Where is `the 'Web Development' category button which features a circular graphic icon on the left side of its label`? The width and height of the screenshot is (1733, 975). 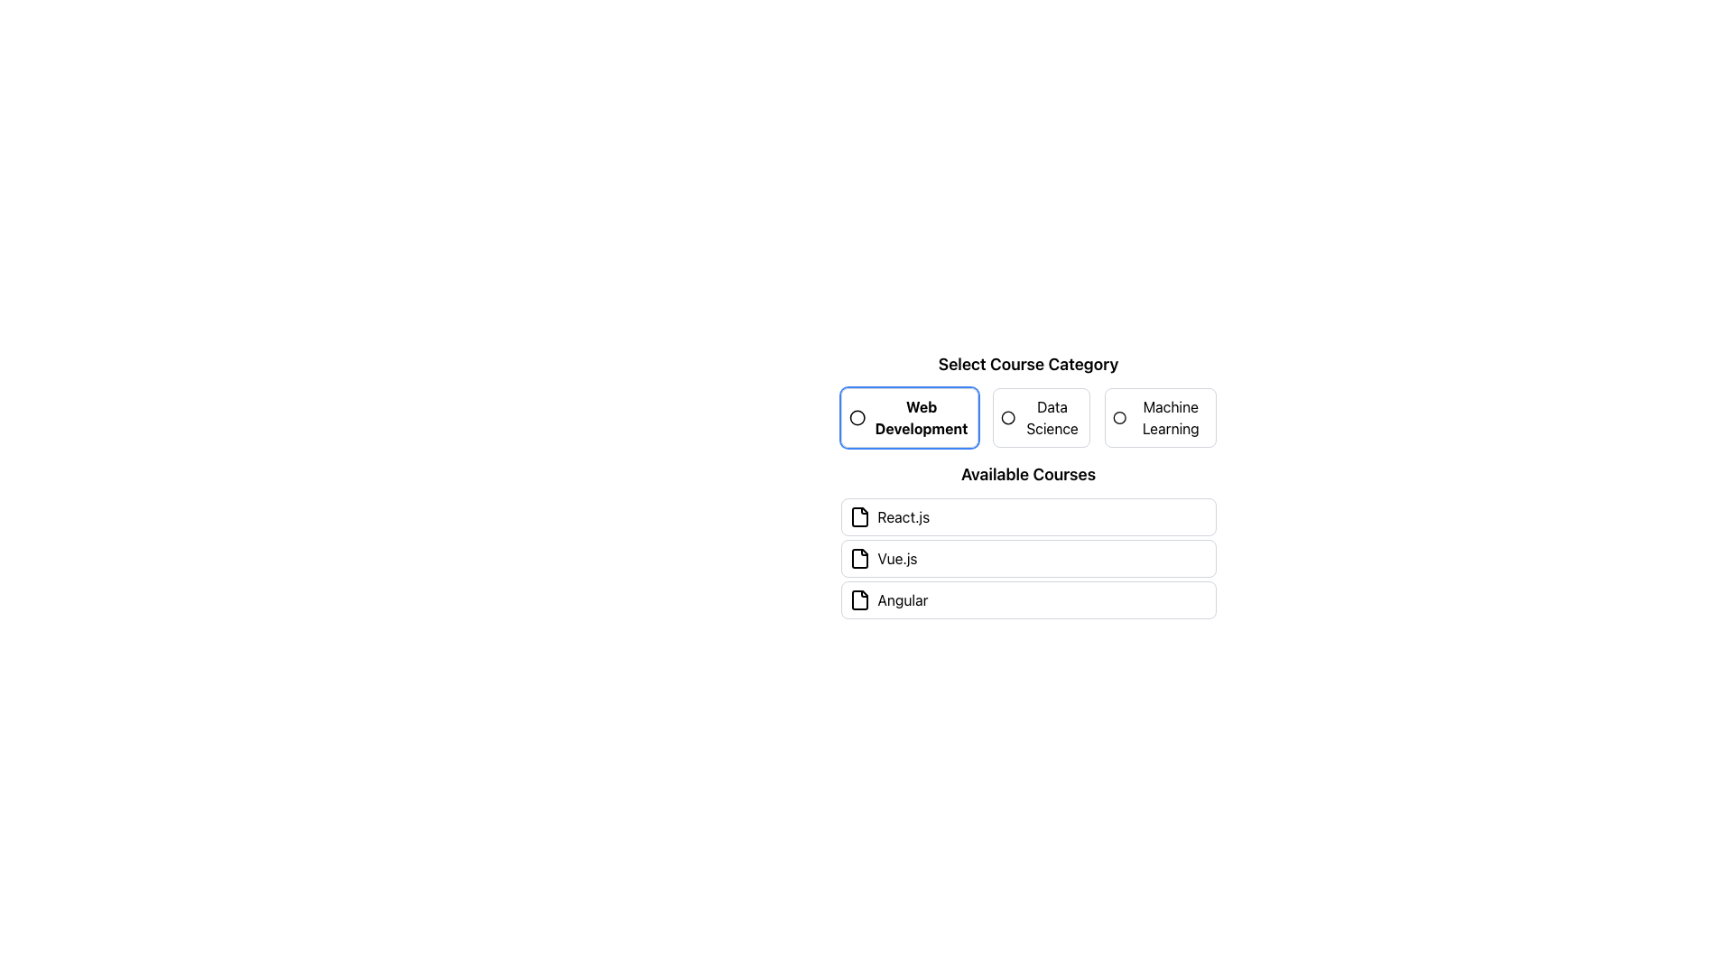 the 'Web Development' category button which features a circular graphic icon on the left side of its label is located at coordinates (856, 417).